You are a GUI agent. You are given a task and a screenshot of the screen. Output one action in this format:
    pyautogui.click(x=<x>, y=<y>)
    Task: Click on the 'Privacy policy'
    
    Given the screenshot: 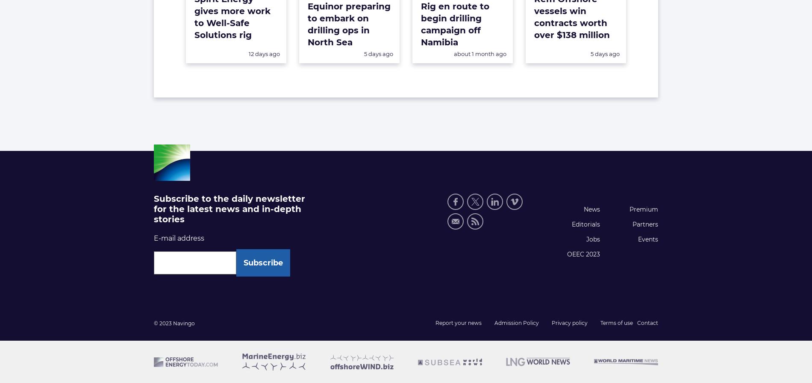 What is the action you would take?
    pyautogui.click(x=551, y=322)
    